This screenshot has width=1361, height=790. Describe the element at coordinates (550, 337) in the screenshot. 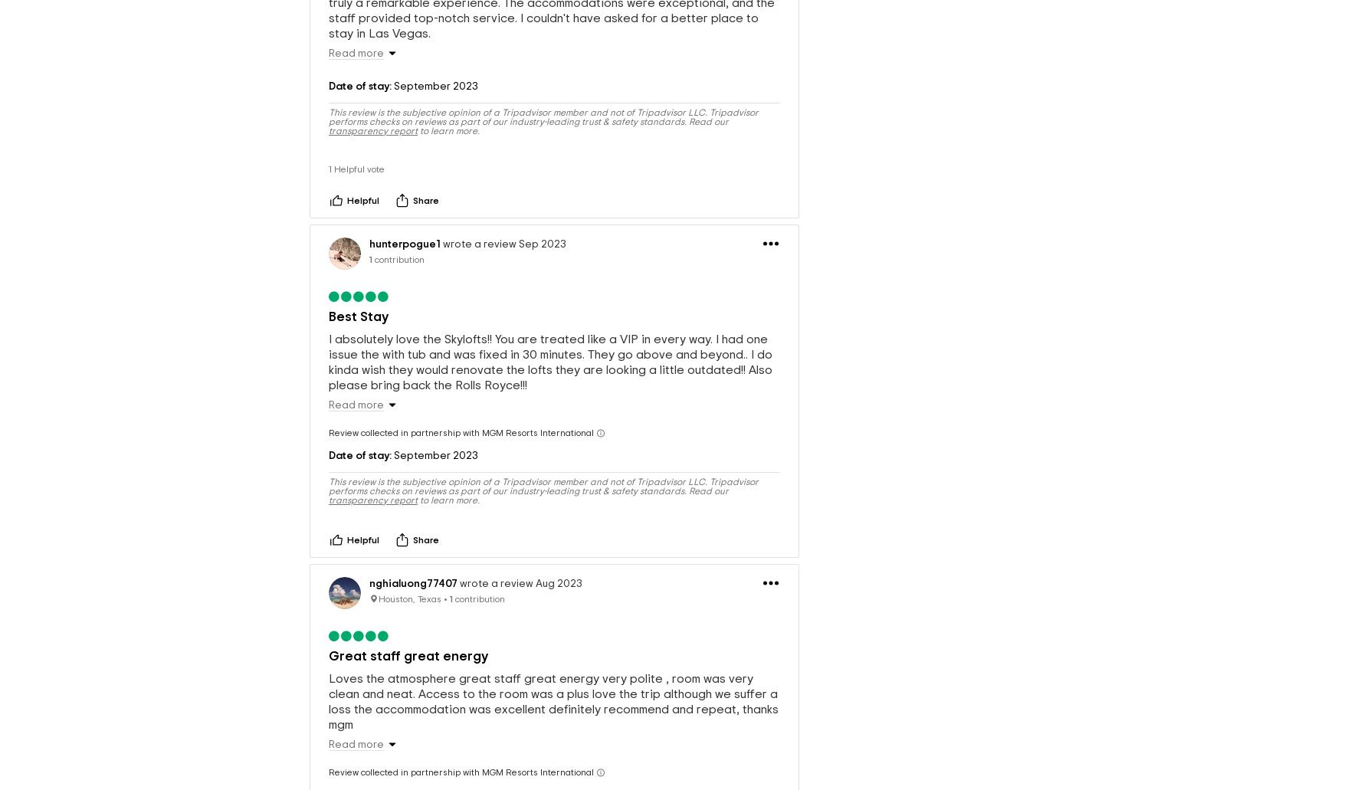

I see `'I absolutely love the Skylofts!! You are treated like a VIP in every way. I had one issue the with tub and was fixed in 30 minutes. They go above and beyond.. I do kinda wish they would renovate the lofts they are looking a little outdated!! Also please bring back the Rolls Royce!!!'` at that location.